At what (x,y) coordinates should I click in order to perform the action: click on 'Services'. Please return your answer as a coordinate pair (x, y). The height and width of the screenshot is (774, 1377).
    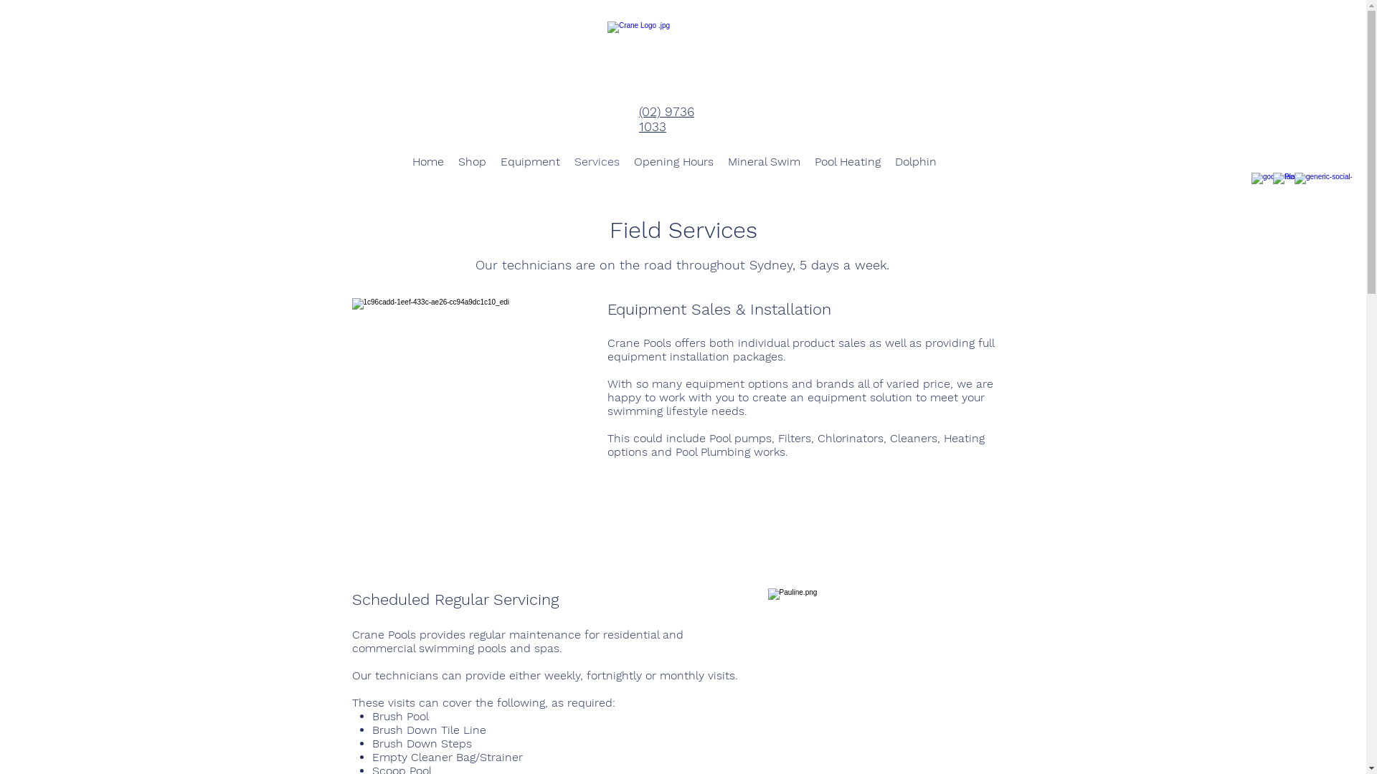
    Looking at the image, I should click on (597, 161).